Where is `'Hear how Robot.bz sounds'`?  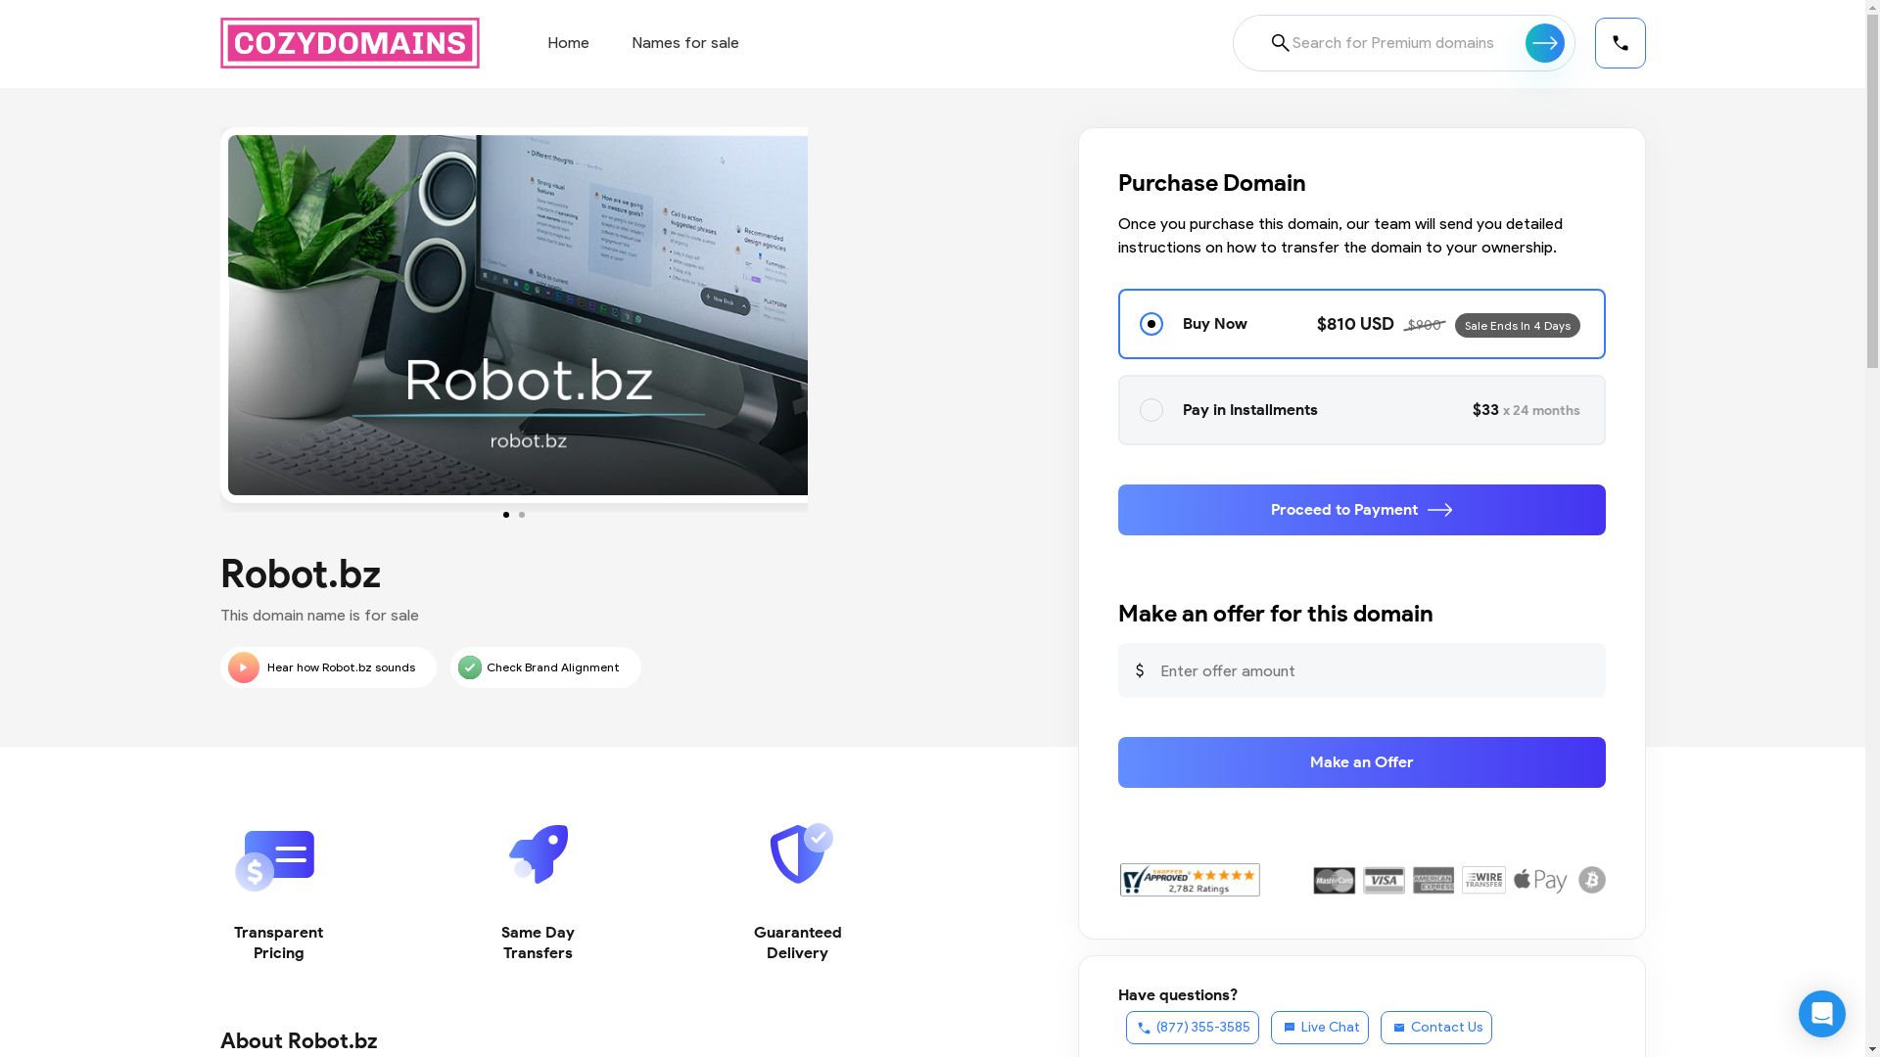 'Hear how Robot.bz sounds' is located at coordinates (327, 666).